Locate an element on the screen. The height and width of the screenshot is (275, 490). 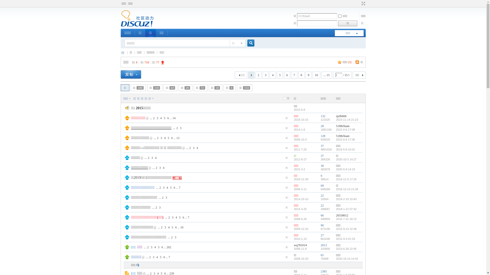
'2015-9-13 22:48' is located at coordinates (346, 228).